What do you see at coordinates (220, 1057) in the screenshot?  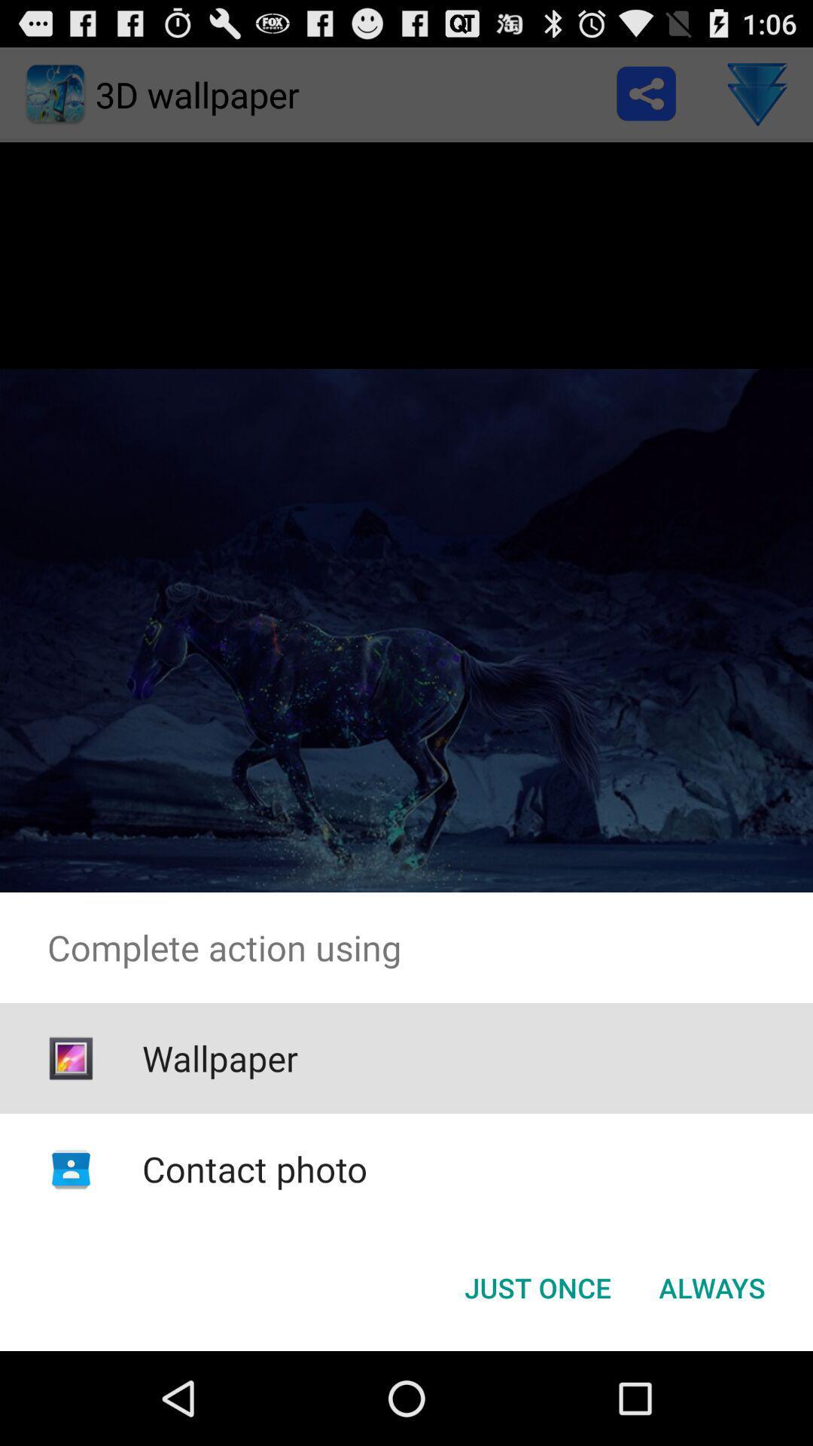 I see `app below the complete action using app` at bounding box center [220, 1057].